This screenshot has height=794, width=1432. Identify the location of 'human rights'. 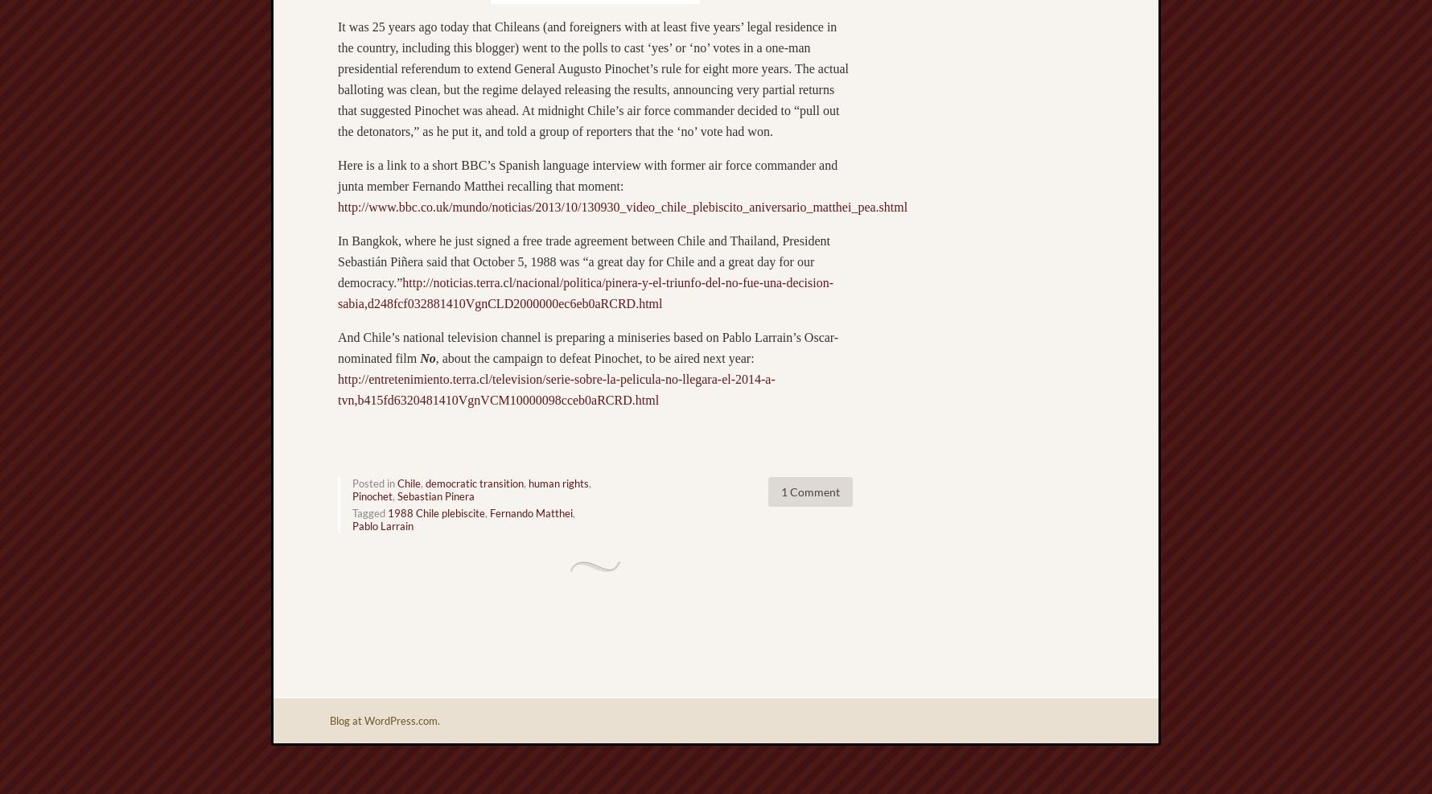
(528, 482).